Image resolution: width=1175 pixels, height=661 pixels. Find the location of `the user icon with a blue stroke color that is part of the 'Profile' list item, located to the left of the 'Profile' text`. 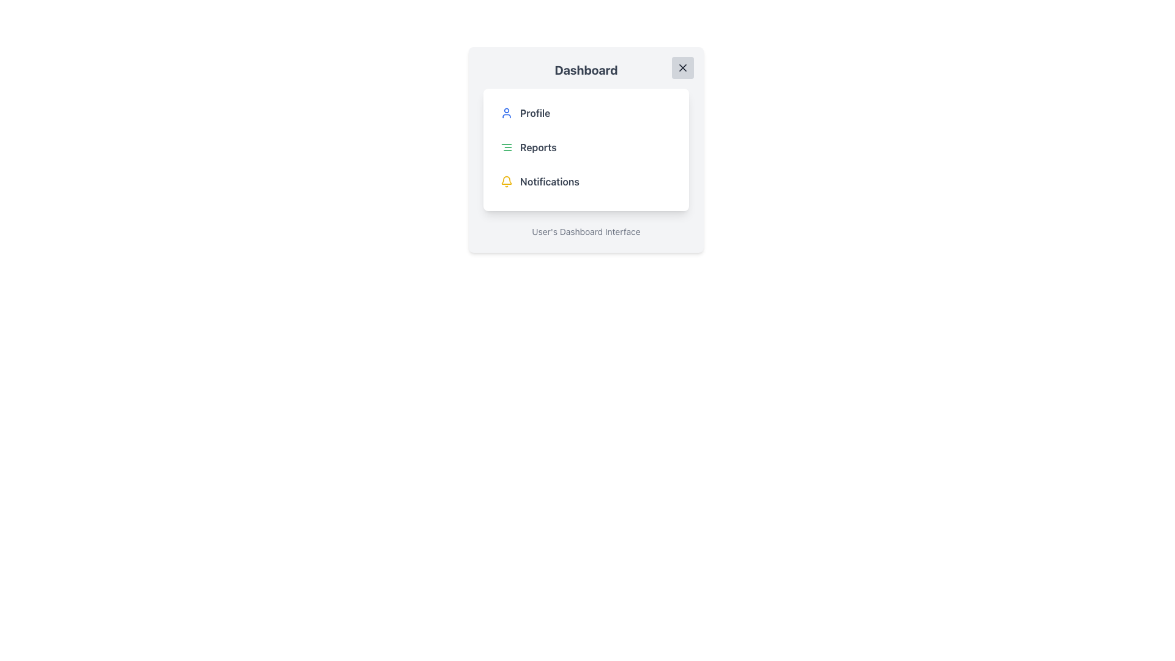

the user icon with a blue stroke color that is part of the 'Profile' list item, located to the left of the 'Profile' text is located at coordinates (507, 113).